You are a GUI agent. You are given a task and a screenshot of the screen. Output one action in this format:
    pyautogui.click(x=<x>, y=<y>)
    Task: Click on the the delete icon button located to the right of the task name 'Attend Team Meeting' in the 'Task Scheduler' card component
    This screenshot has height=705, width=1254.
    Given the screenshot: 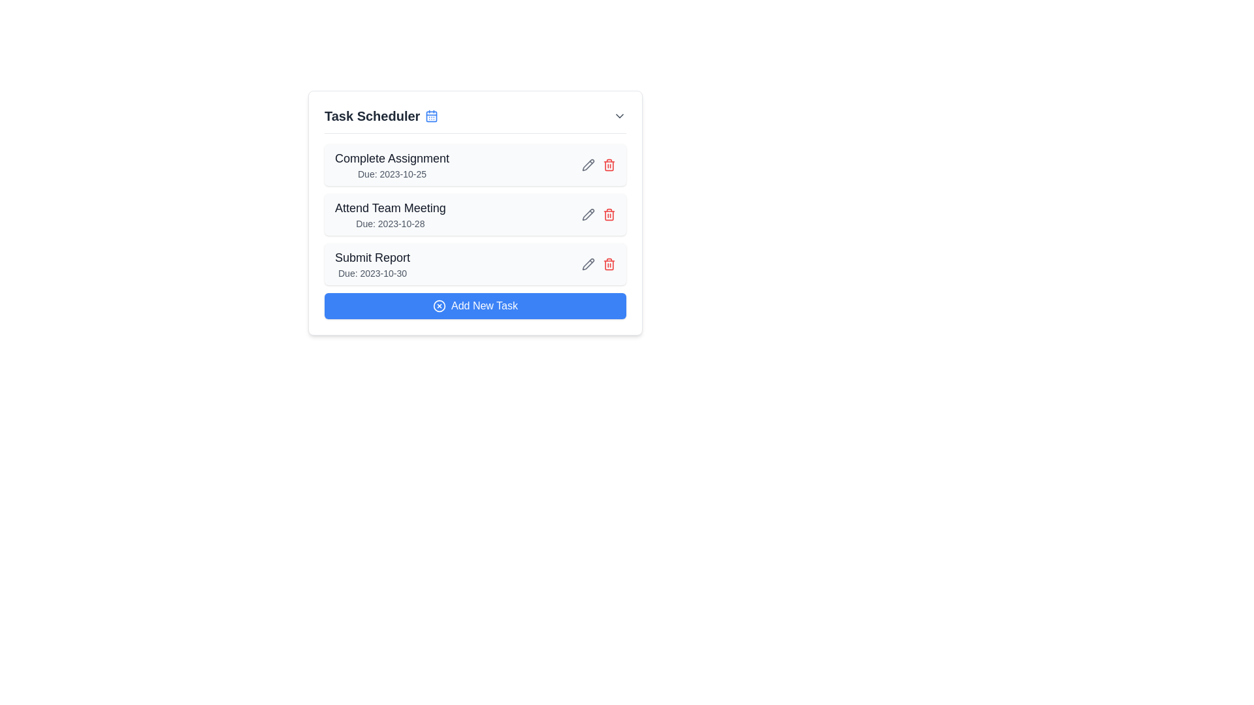 What is the action you would take?
    pyautogui.click(x=608, y=213)
    